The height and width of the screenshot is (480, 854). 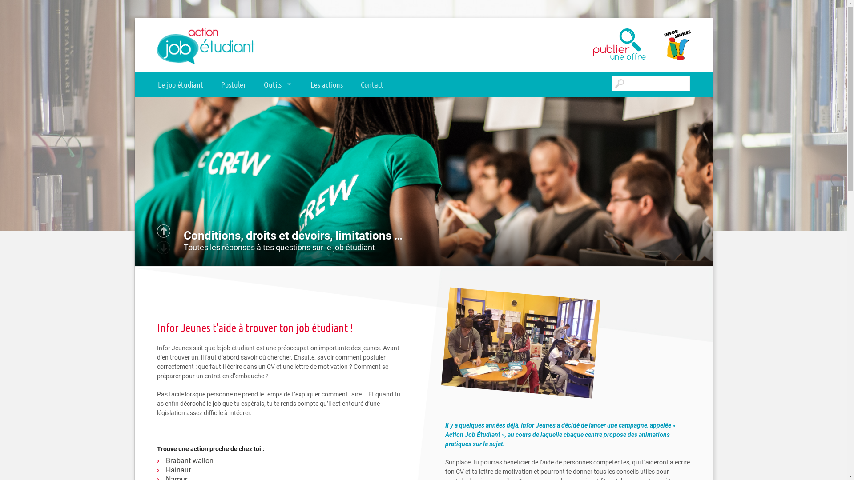 What do you see at coordinates (326, 85) in the screenshot?
I see `'Les actions'` at bounding box center [326, 85].